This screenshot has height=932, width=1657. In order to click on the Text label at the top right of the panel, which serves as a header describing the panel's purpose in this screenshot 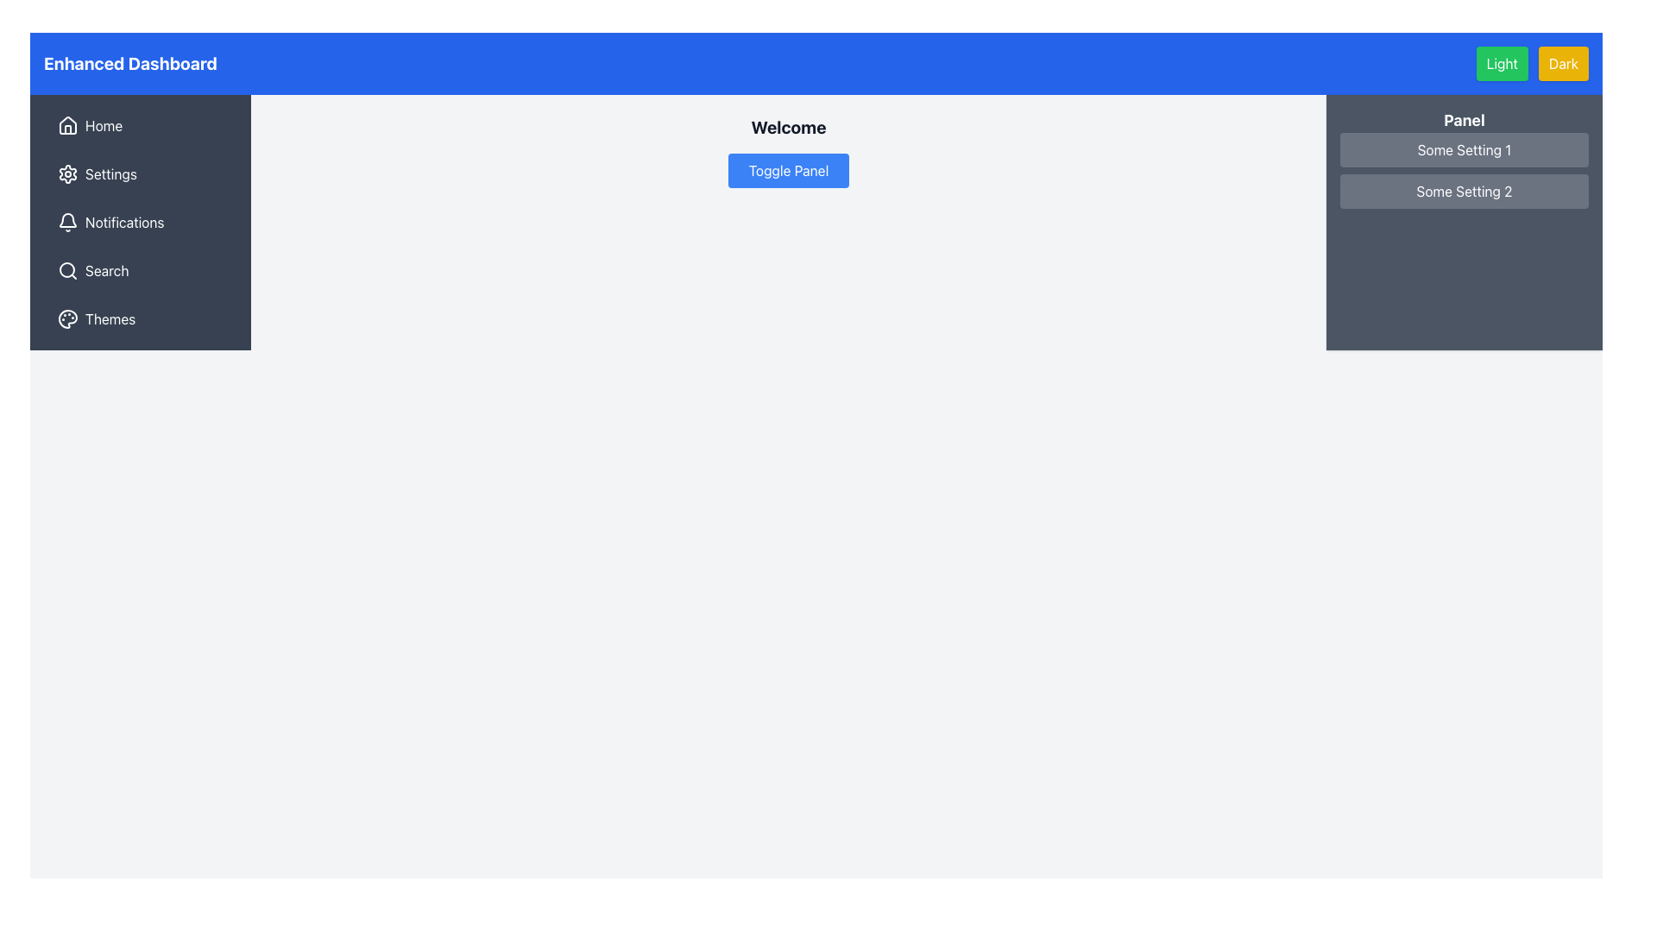, I will do `click(1464, 119)`.